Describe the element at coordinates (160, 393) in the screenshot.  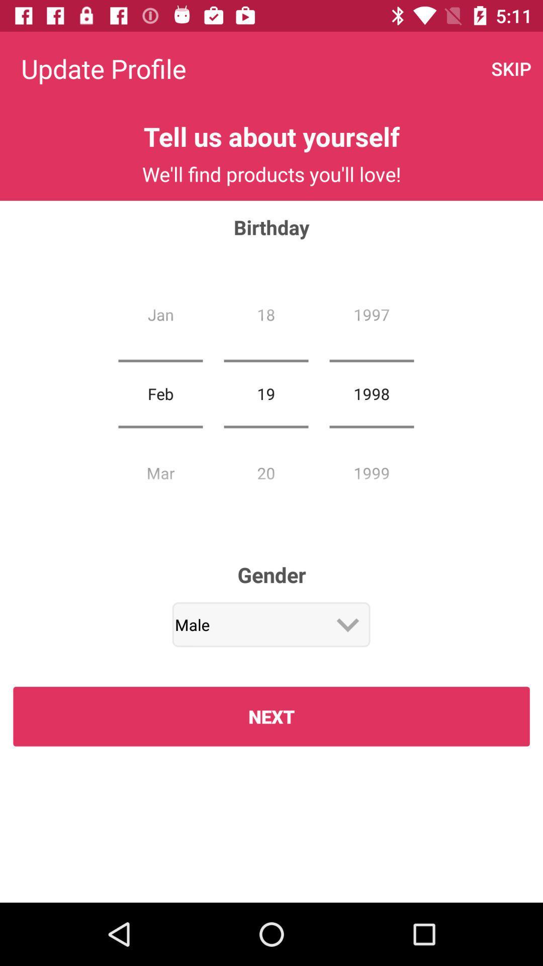
I see `item below the birthday` at that location.